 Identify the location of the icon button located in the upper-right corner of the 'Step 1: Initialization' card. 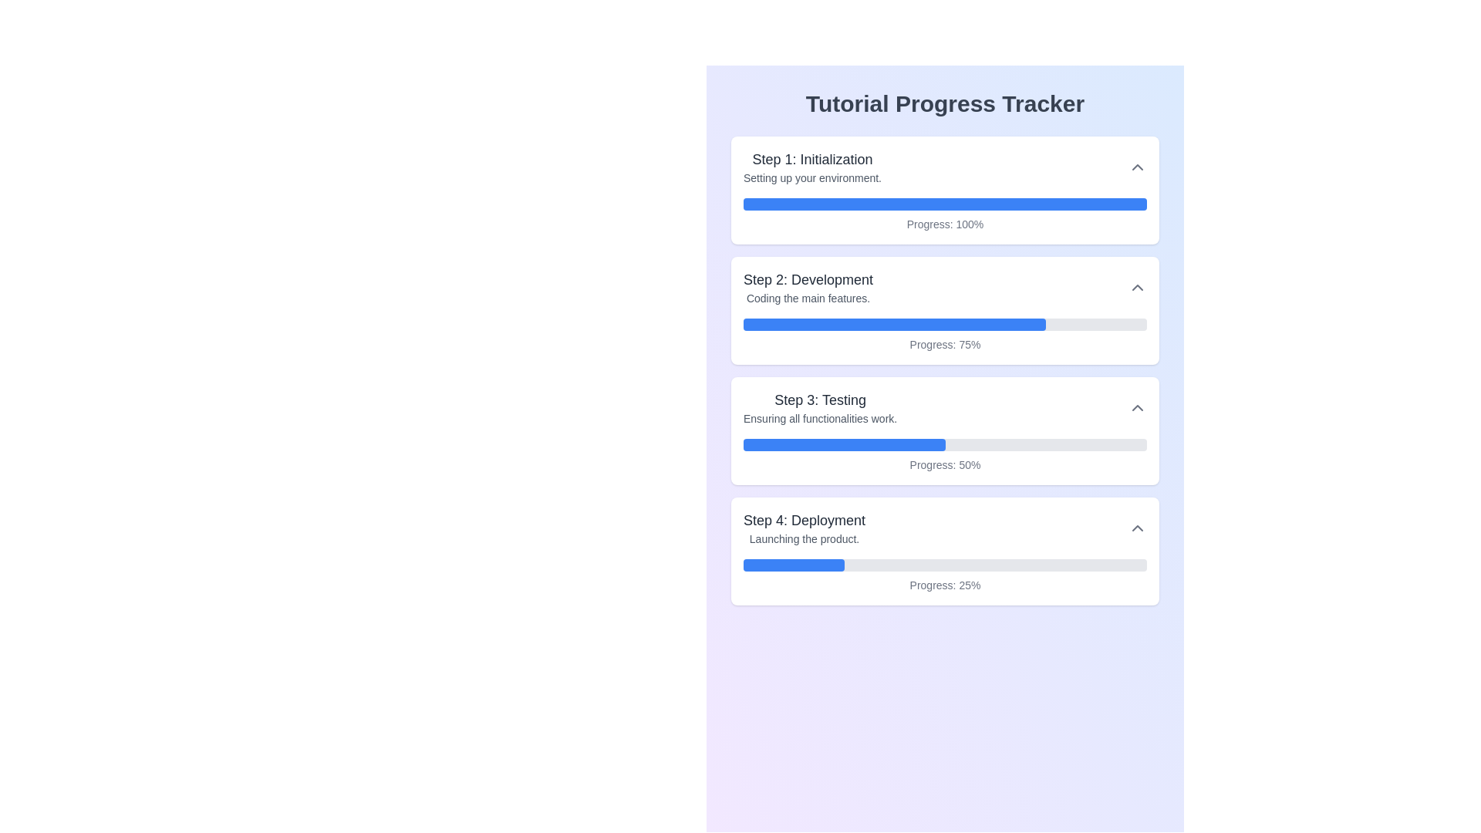
(1137, 167).